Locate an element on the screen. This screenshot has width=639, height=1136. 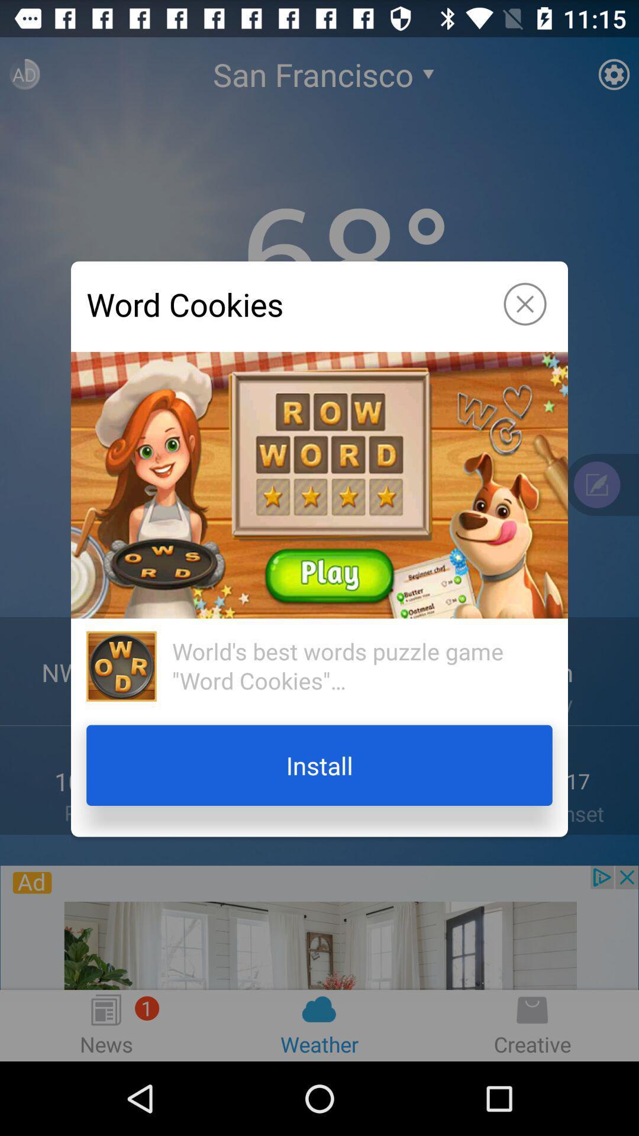
the app next to the word cookies is located at coordinates (524, 304).